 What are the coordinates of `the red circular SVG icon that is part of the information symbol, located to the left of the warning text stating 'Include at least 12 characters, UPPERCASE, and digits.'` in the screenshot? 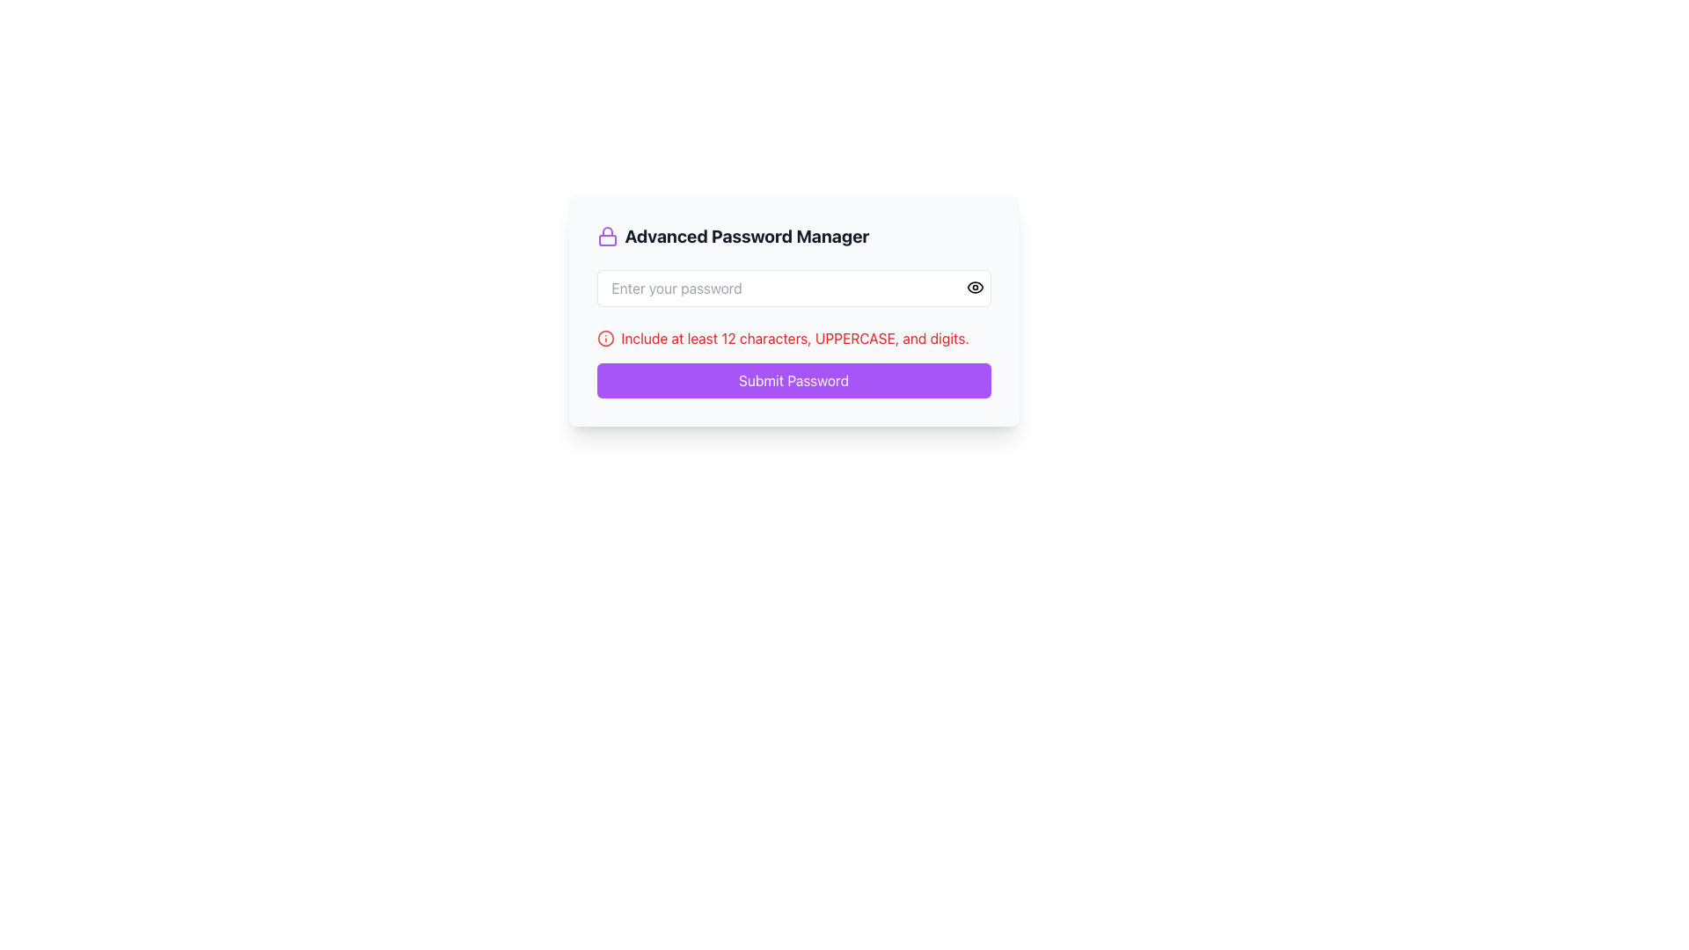 It's located at (605, 339).